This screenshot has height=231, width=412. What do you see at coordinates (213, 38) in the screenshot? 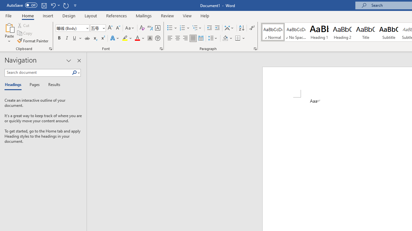
I see `'Line and Paragraph Spacing'` at bounding box center [213, 38].